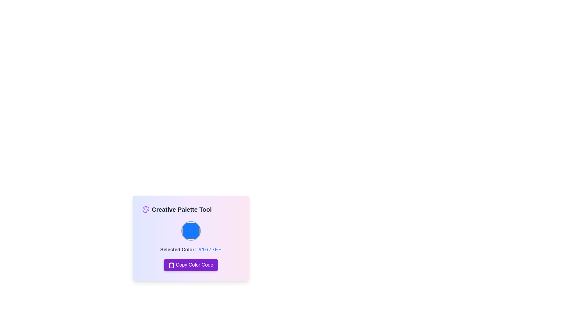 This screenshot has height=329, width=585. Describe the element at coordinates (190, 265) in the screenshot. I see `the 'Copy Color Code' button` at that location.